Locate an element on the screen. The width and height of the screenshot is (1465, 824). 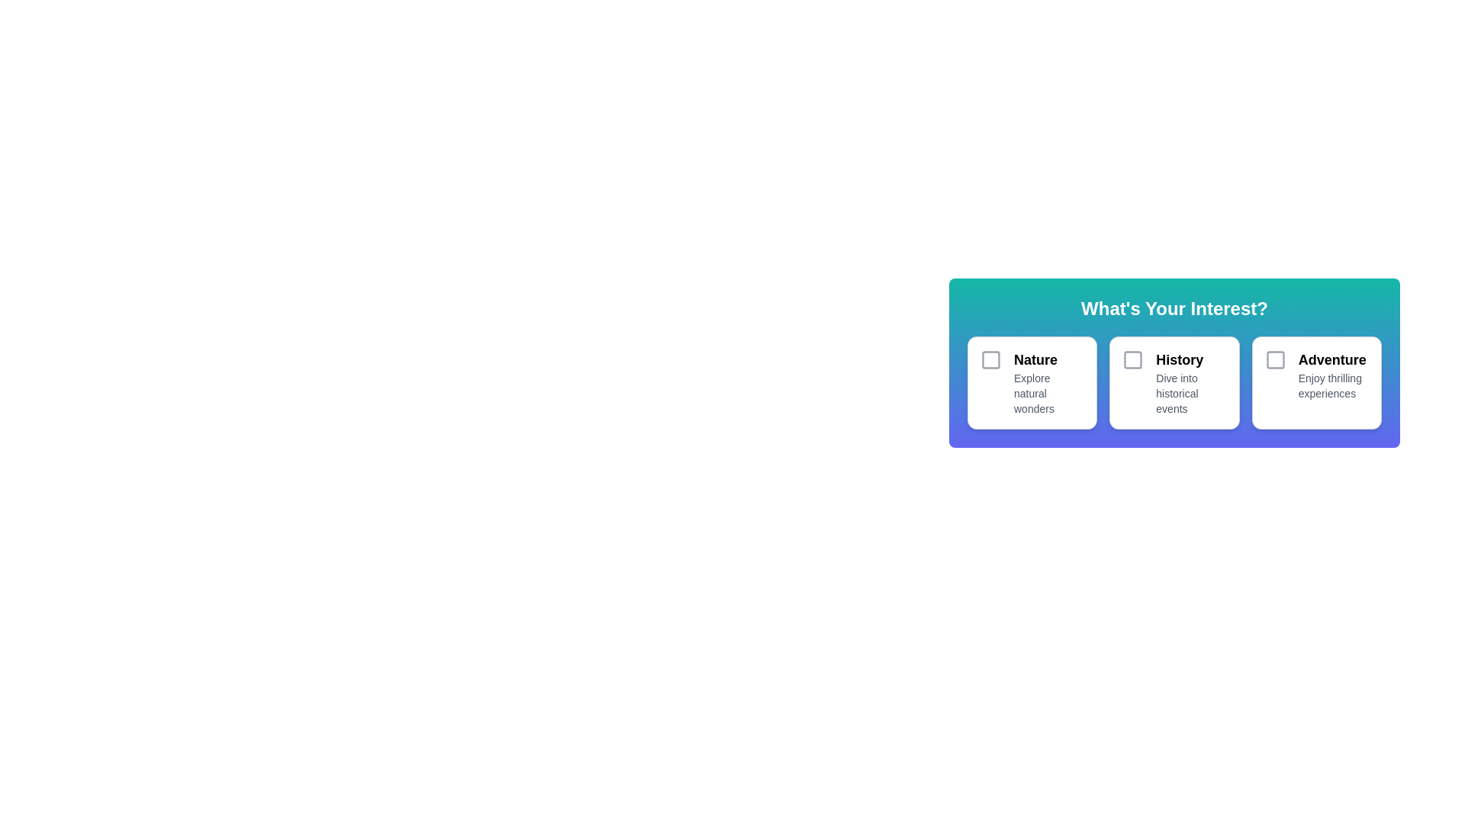
the checkboxes for 'Nature', 'History', and 'Adventure' options under the heading 'What's Your Interest?' is located at coordinates (1174, 362).